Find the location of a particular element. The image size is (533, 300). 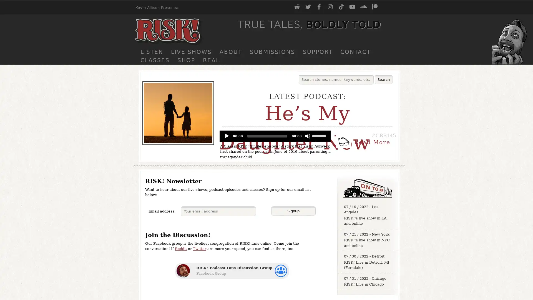

Mute is located at coordinates (307, 136).